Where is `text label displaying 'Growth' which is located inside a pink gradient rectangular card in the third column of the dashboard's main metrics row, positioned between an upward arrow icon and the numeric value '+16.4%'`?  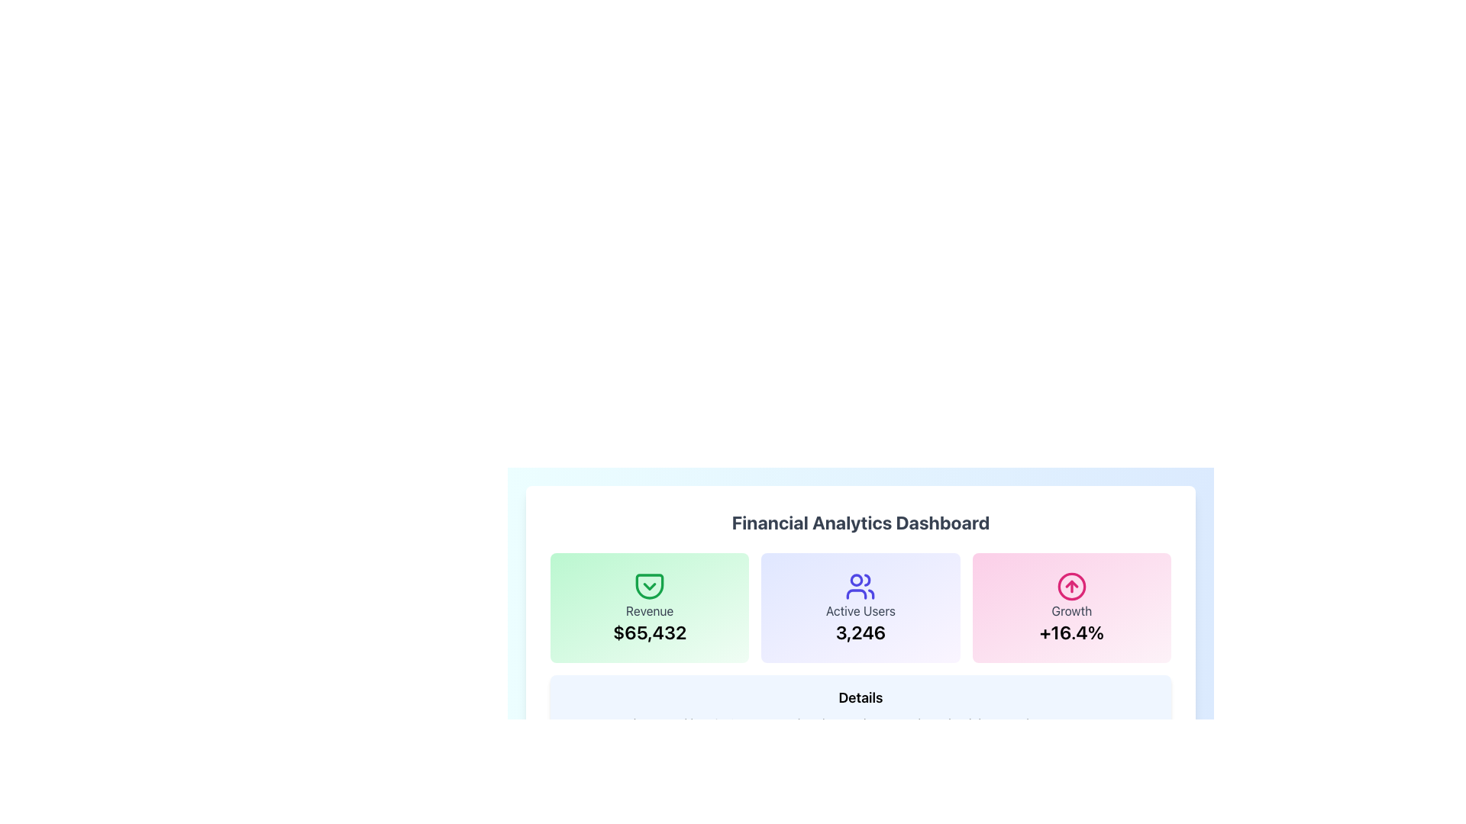
text label displaying 'Growth' which is located inside a pink gradient rectangular card in the third column of the dashboard's main metrics row, positioned between an upward arrow icon and the numeric value '+16.4%' is located at coordinates (1070, 610).